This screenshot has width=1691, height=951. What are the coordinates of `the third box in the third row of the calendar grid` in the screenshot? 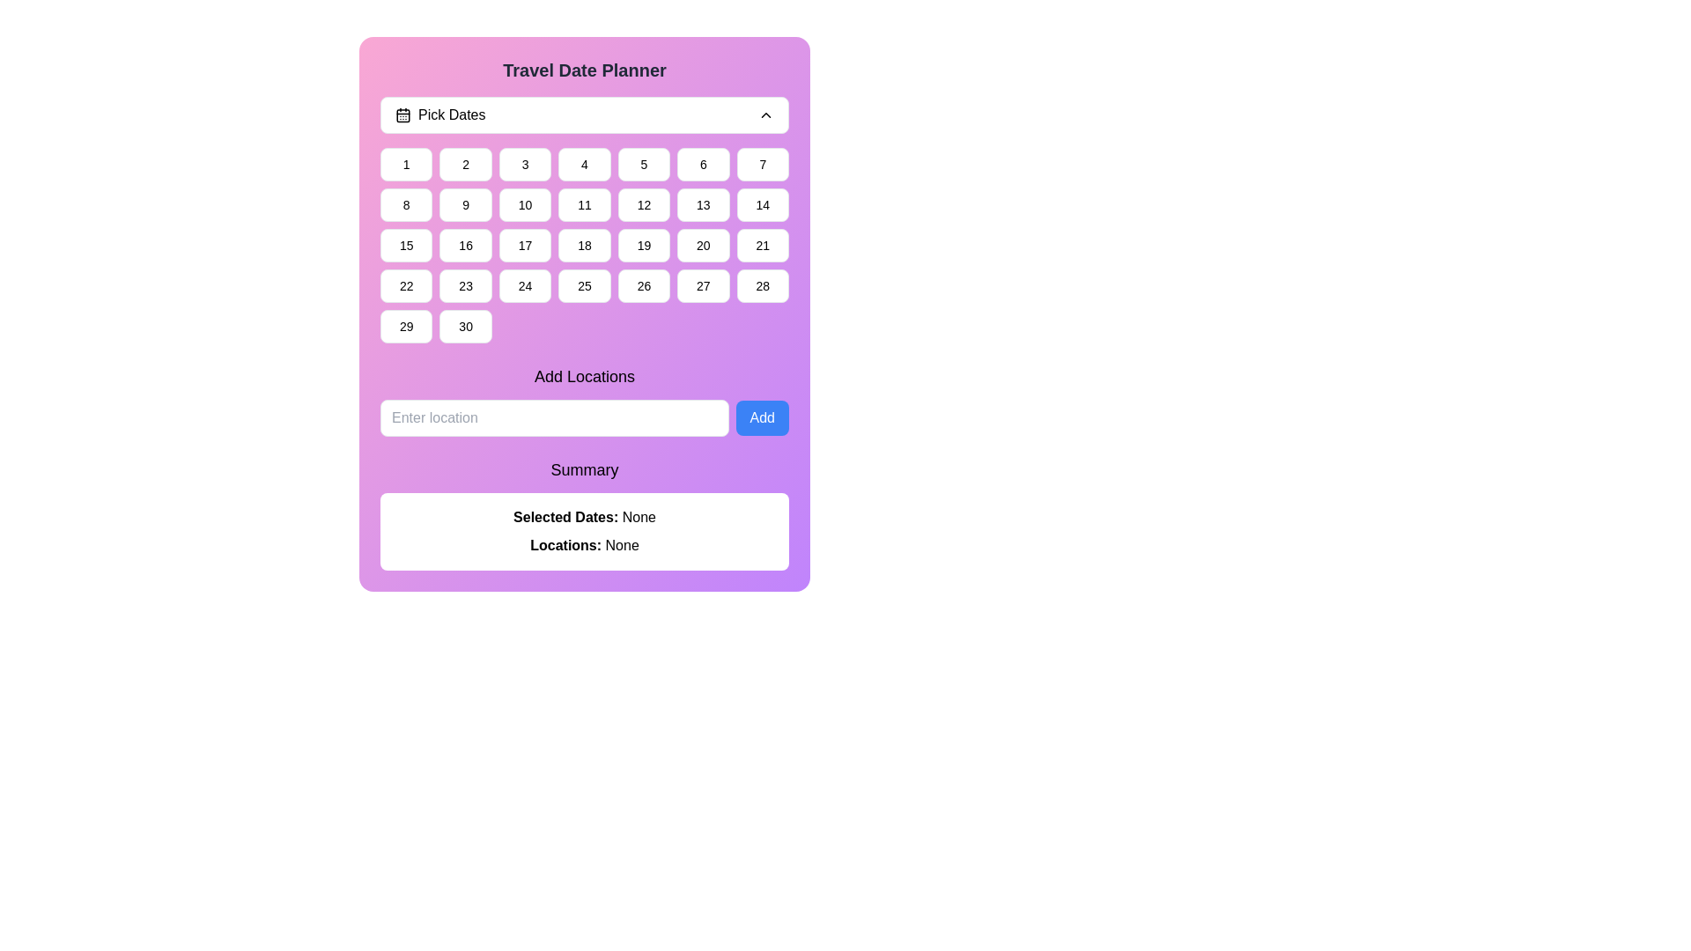 It's located at (524, 245).